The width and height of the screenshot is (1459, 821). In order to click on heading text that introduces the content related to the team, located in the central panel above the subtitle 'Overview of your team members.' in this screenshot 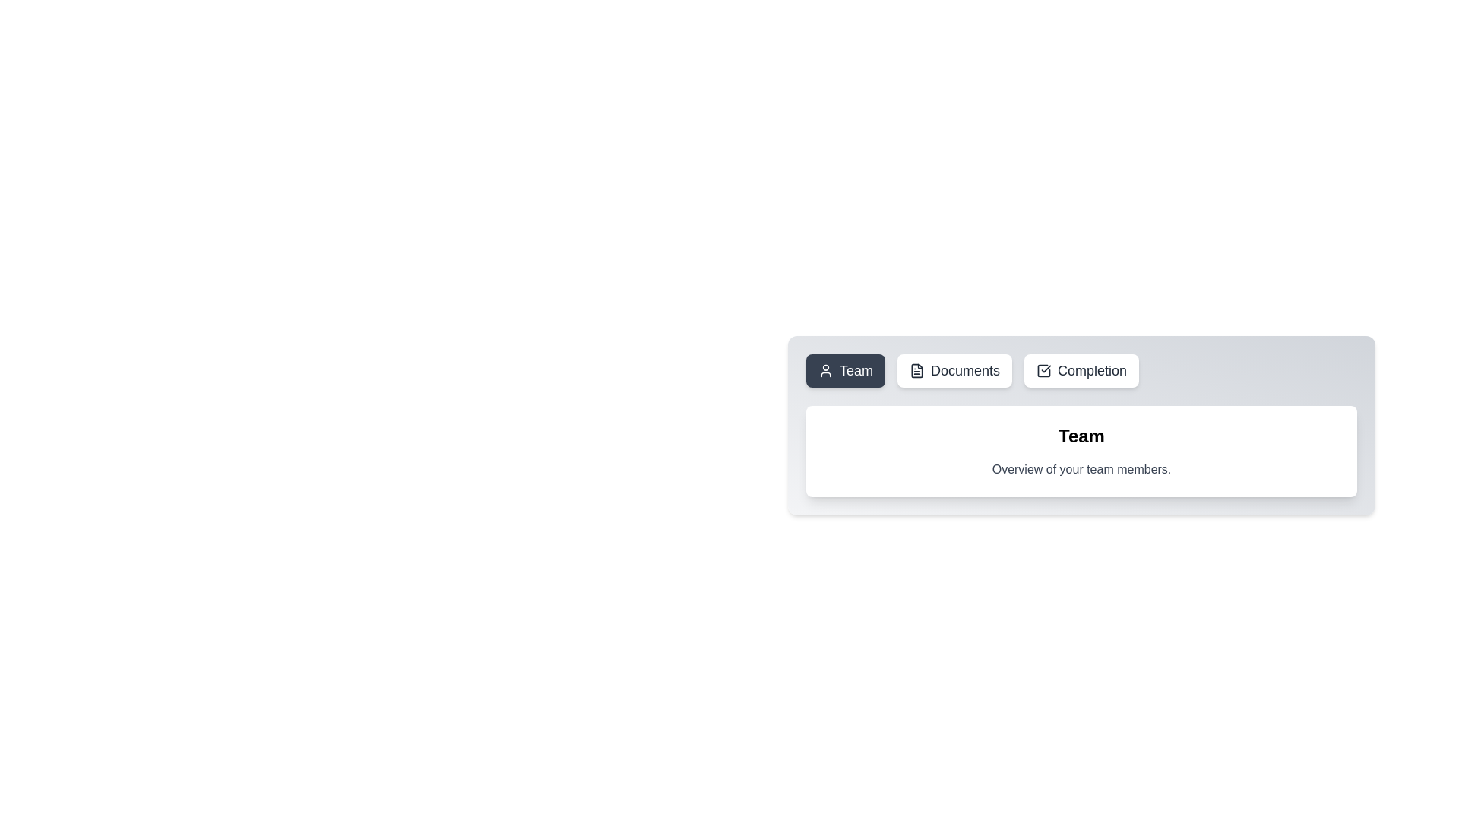, I will do `click(1081, 436)`.